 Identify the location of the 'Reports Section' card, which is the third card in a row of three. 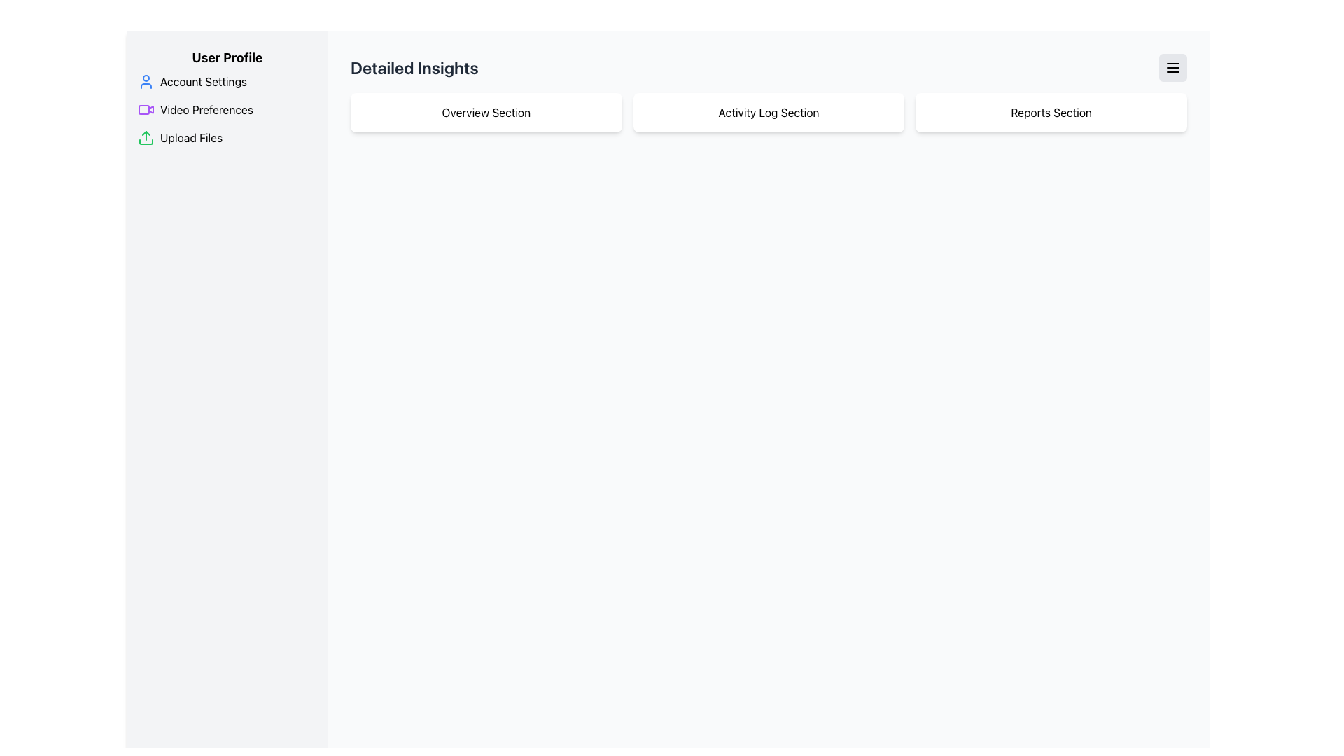
(1051, 112).